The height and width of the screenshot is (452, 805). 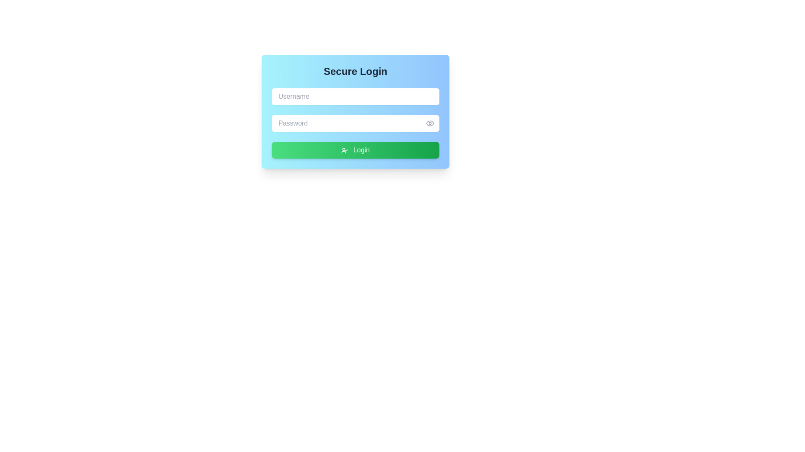 I want to click on the eye-shaped icon in the lower-right corner of the password input field, so click(x=430, y=123).